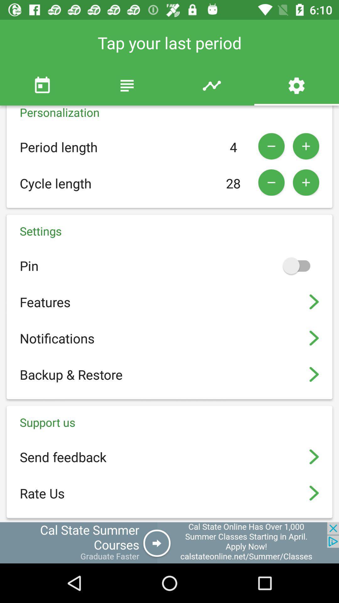 The width and height of the screenshot is (339, 603). What do you see at coordinates (169, 542) in the screenshot?
I see `an advertisement` at bounding box center [169, 542].